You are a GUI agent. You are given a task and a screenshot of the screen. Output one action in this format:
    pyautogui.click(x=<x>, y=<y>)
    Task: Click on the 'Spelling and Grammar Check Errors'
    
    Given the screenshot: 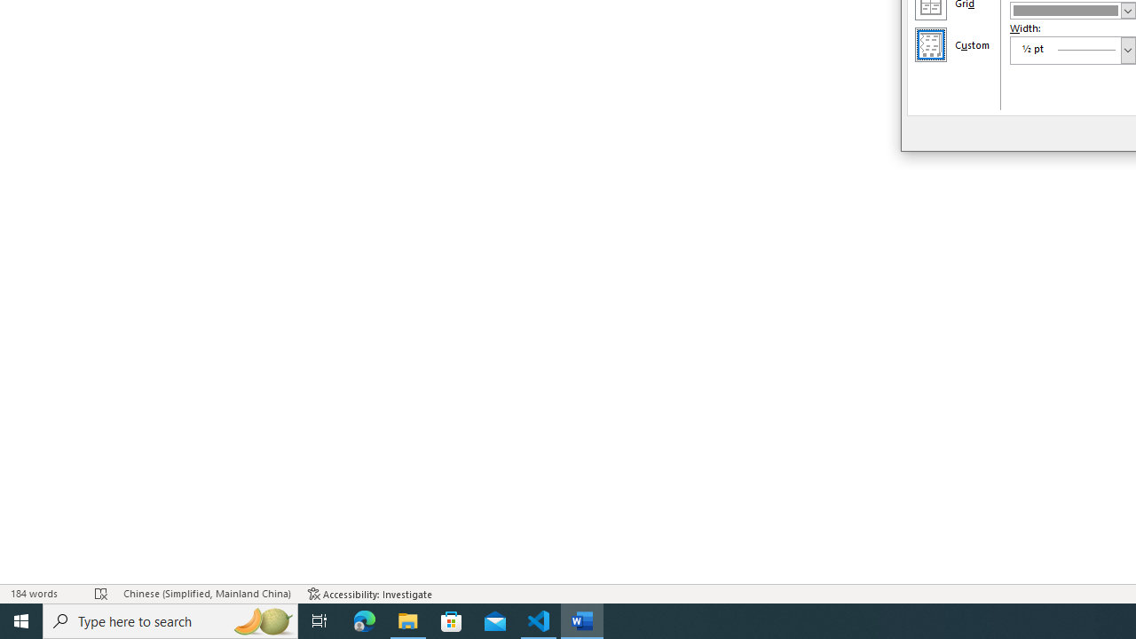 What is the action you would take?
    pyautogui.click(x=100, y=594)
    